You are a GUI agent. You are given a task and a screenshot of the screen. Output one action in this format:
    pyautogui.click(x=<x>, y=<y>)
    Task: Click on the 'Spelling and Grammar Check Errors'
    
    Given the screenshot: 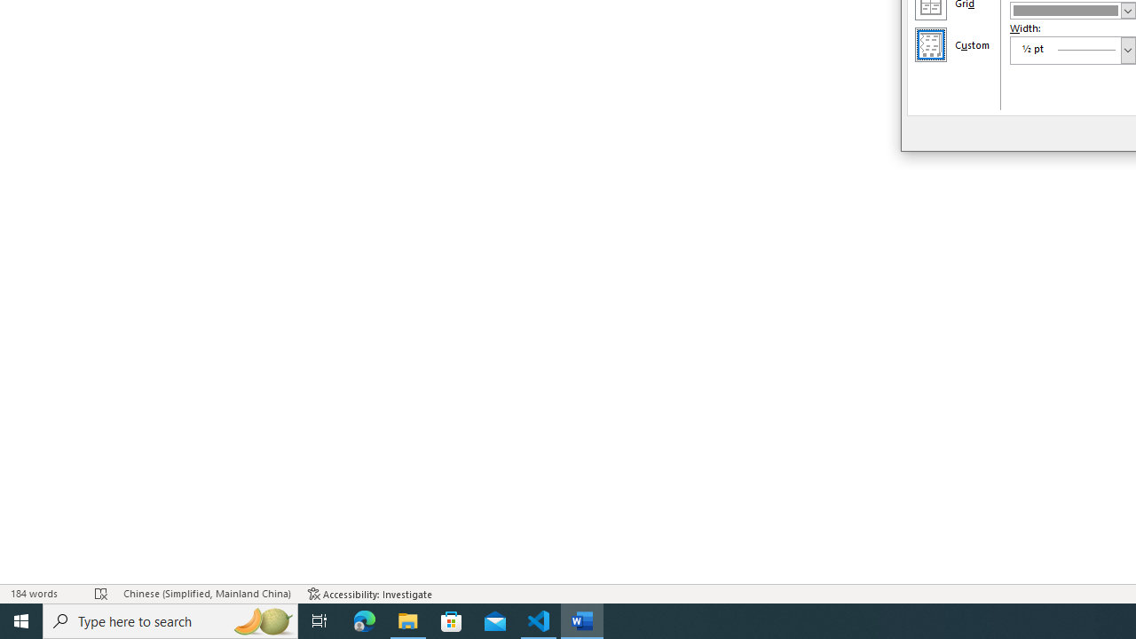 What is the action you would take?
    pyautogui.click(x=100, y=594)
    